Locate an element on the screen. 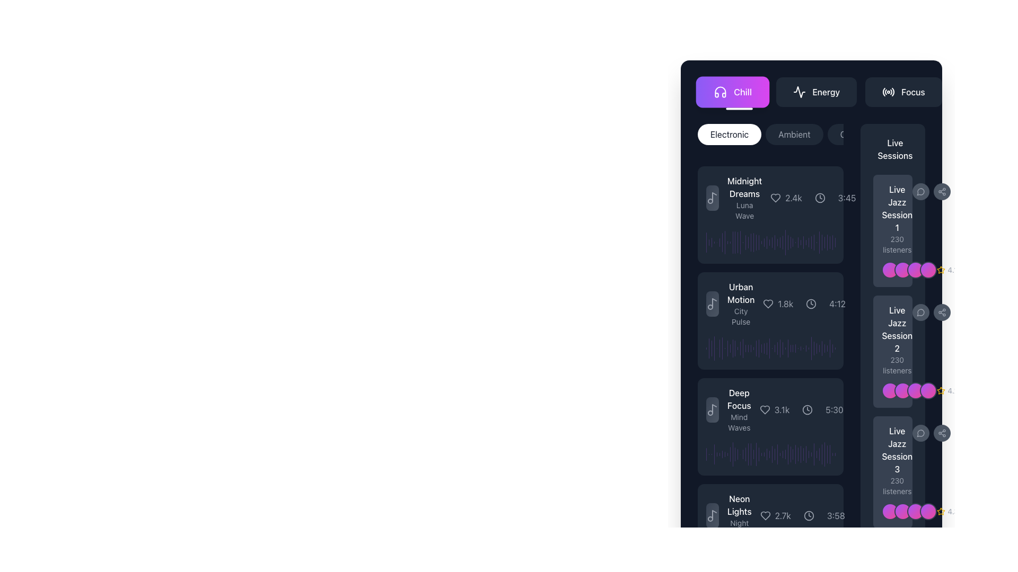 Image resolution: width=1018 pixels, height=572 pixels. the yellow star-shaped icon to rate it, which is located to the right of the 'Live Jazz Session' cards and next to the rating text '4.2' is located at coordinates (941, 390).